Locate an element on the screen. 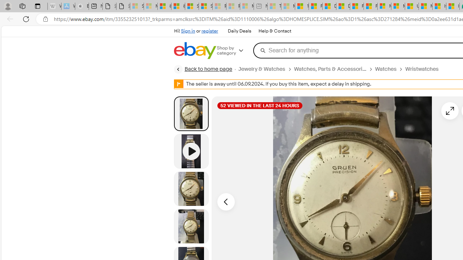  'Watches' is located at coordinates (385, 69).